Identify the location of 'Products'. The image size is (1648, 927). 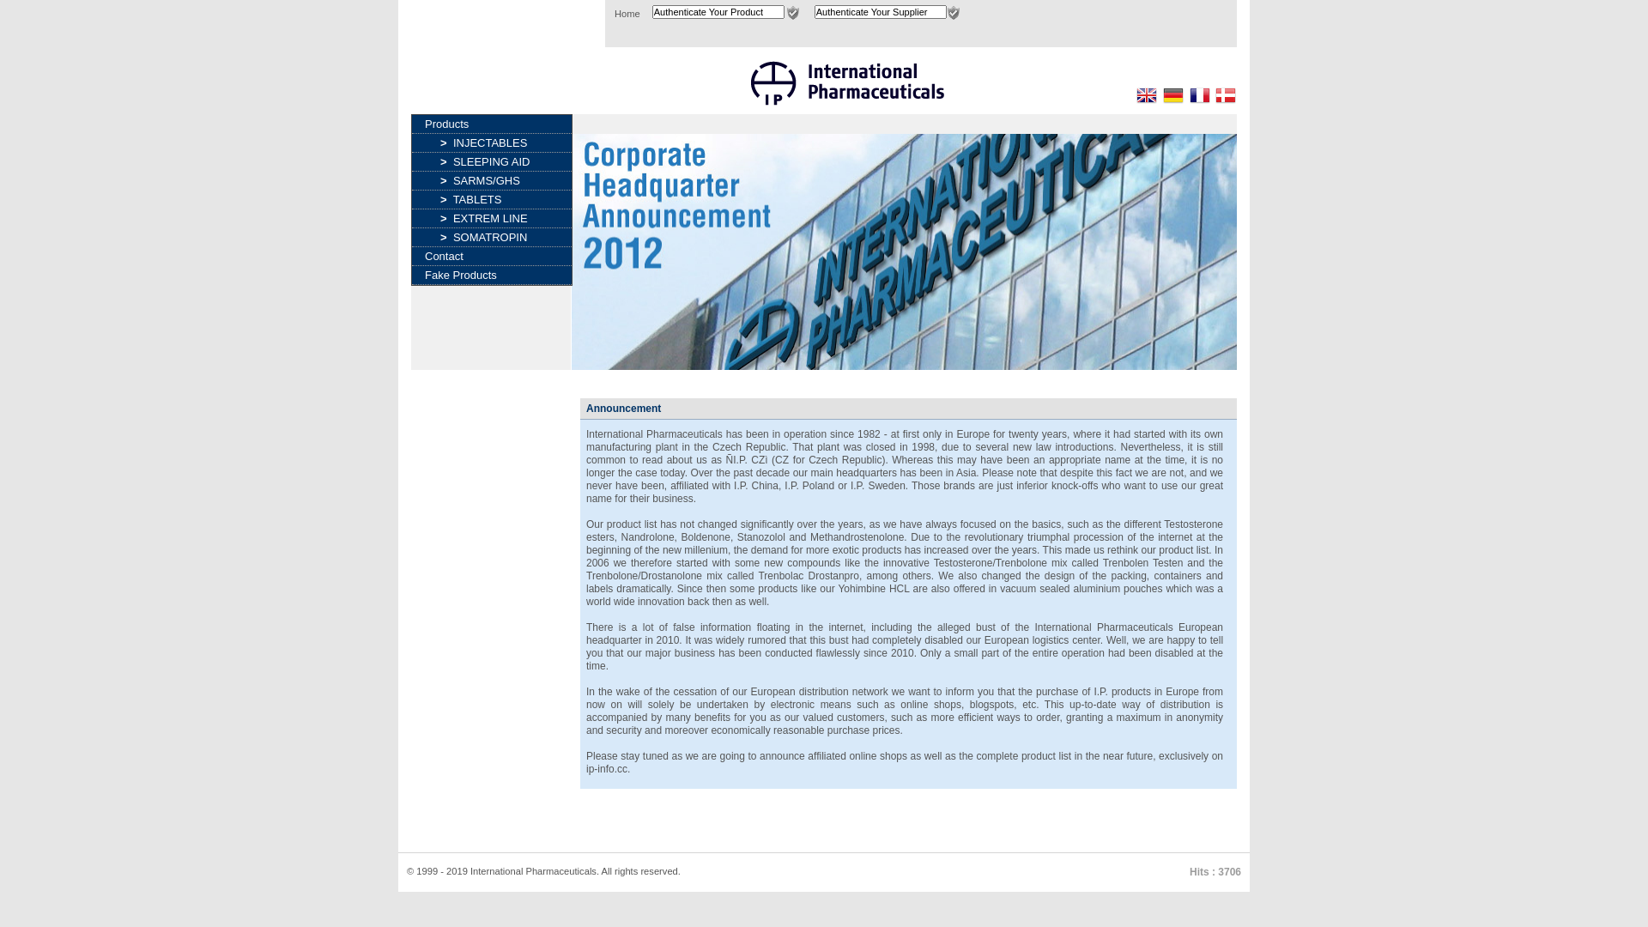
(412, 123).